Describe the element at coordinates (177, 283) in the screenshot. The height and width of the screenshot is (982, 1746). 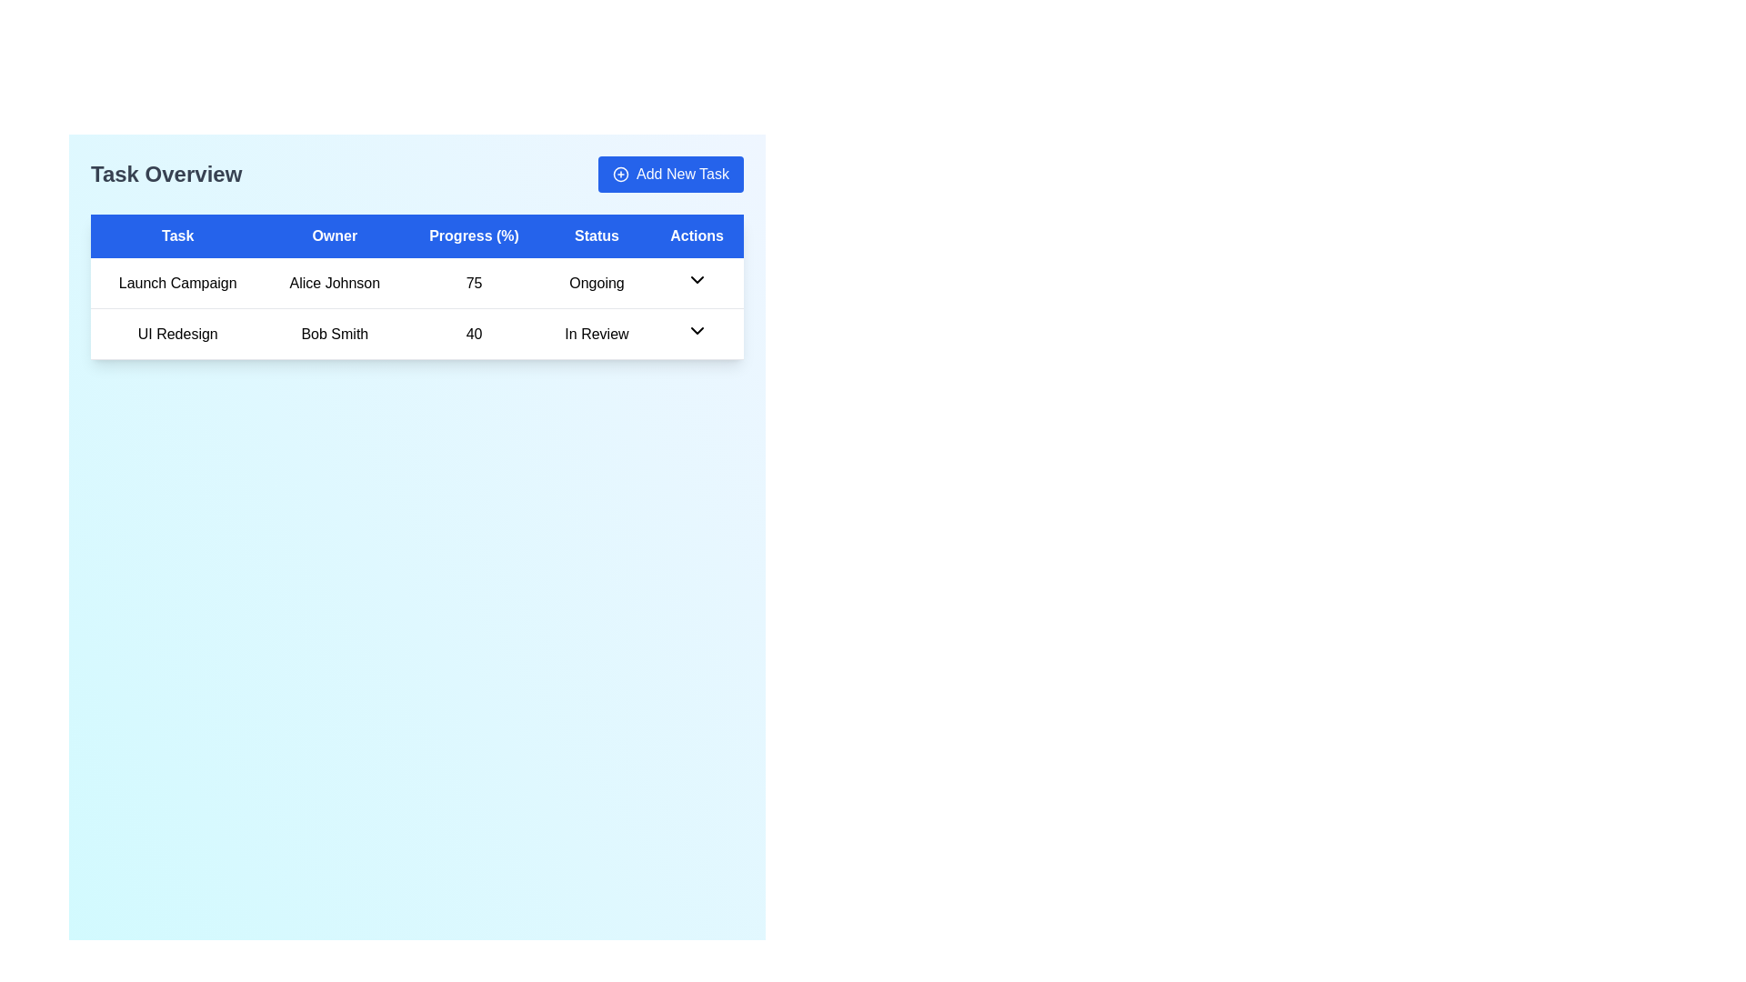
I see `the static text label that reads 'Launch Campaign', which is located in the first column of the first row under the 'Task' header in the 'Task Overview' table` at that location.